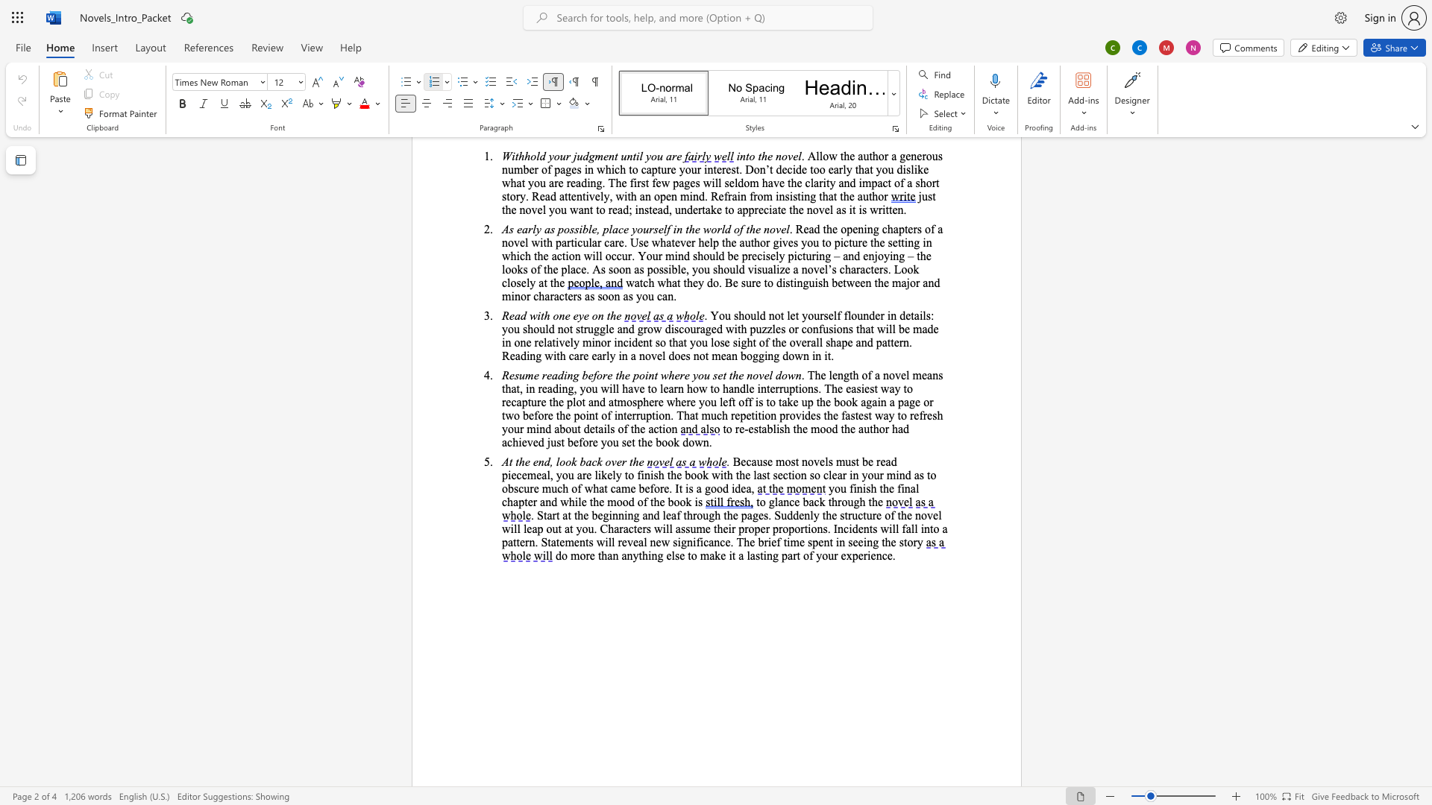 This screenshot has width=1432, height=805. What do you see at coordinates (906, 488) in the screenshot?
I see `the 1th character "n" in the text` at bounding box center [906, 488].